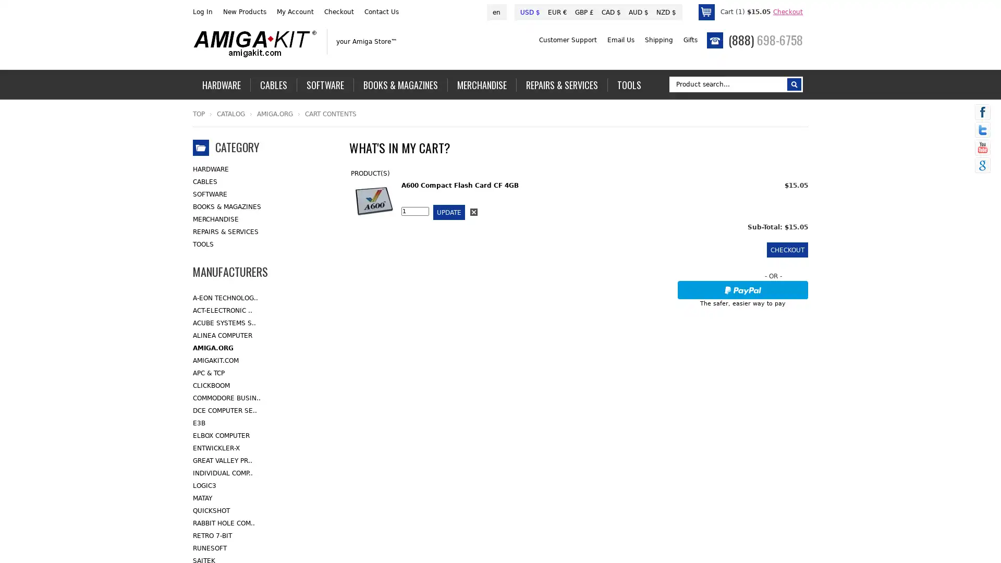 This screenshot has width=1001, height=563. I want to click on UPDATE, so click(449, 212).